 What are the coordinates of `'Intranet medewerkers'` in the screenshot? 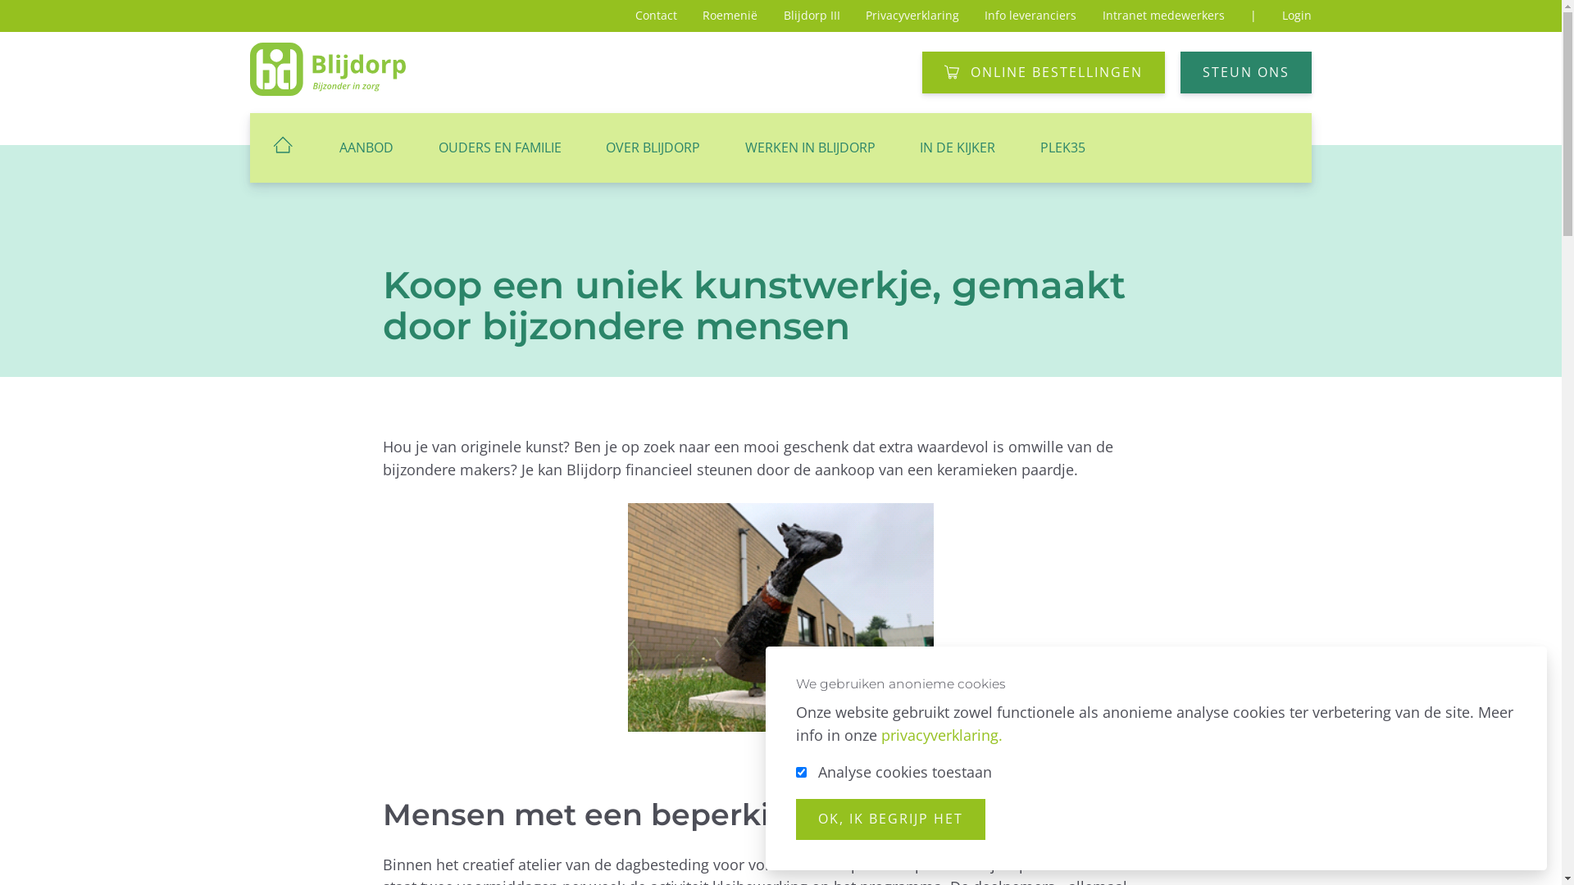 It's located at (1162, 15).